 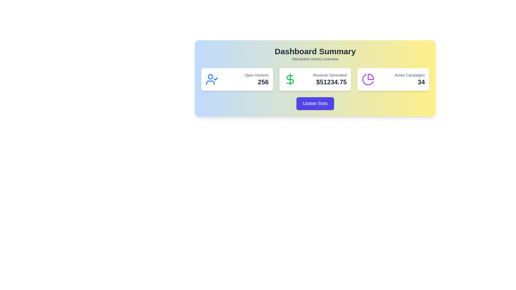 What do you see at coordinates (368, 79) in the screenshot?
I see `the pie chart icon located in the 'Active Campaigns' card, which is the third card from the left, indicating a portion of a whole with a distinct colored section` at bounding box center [368, 79].